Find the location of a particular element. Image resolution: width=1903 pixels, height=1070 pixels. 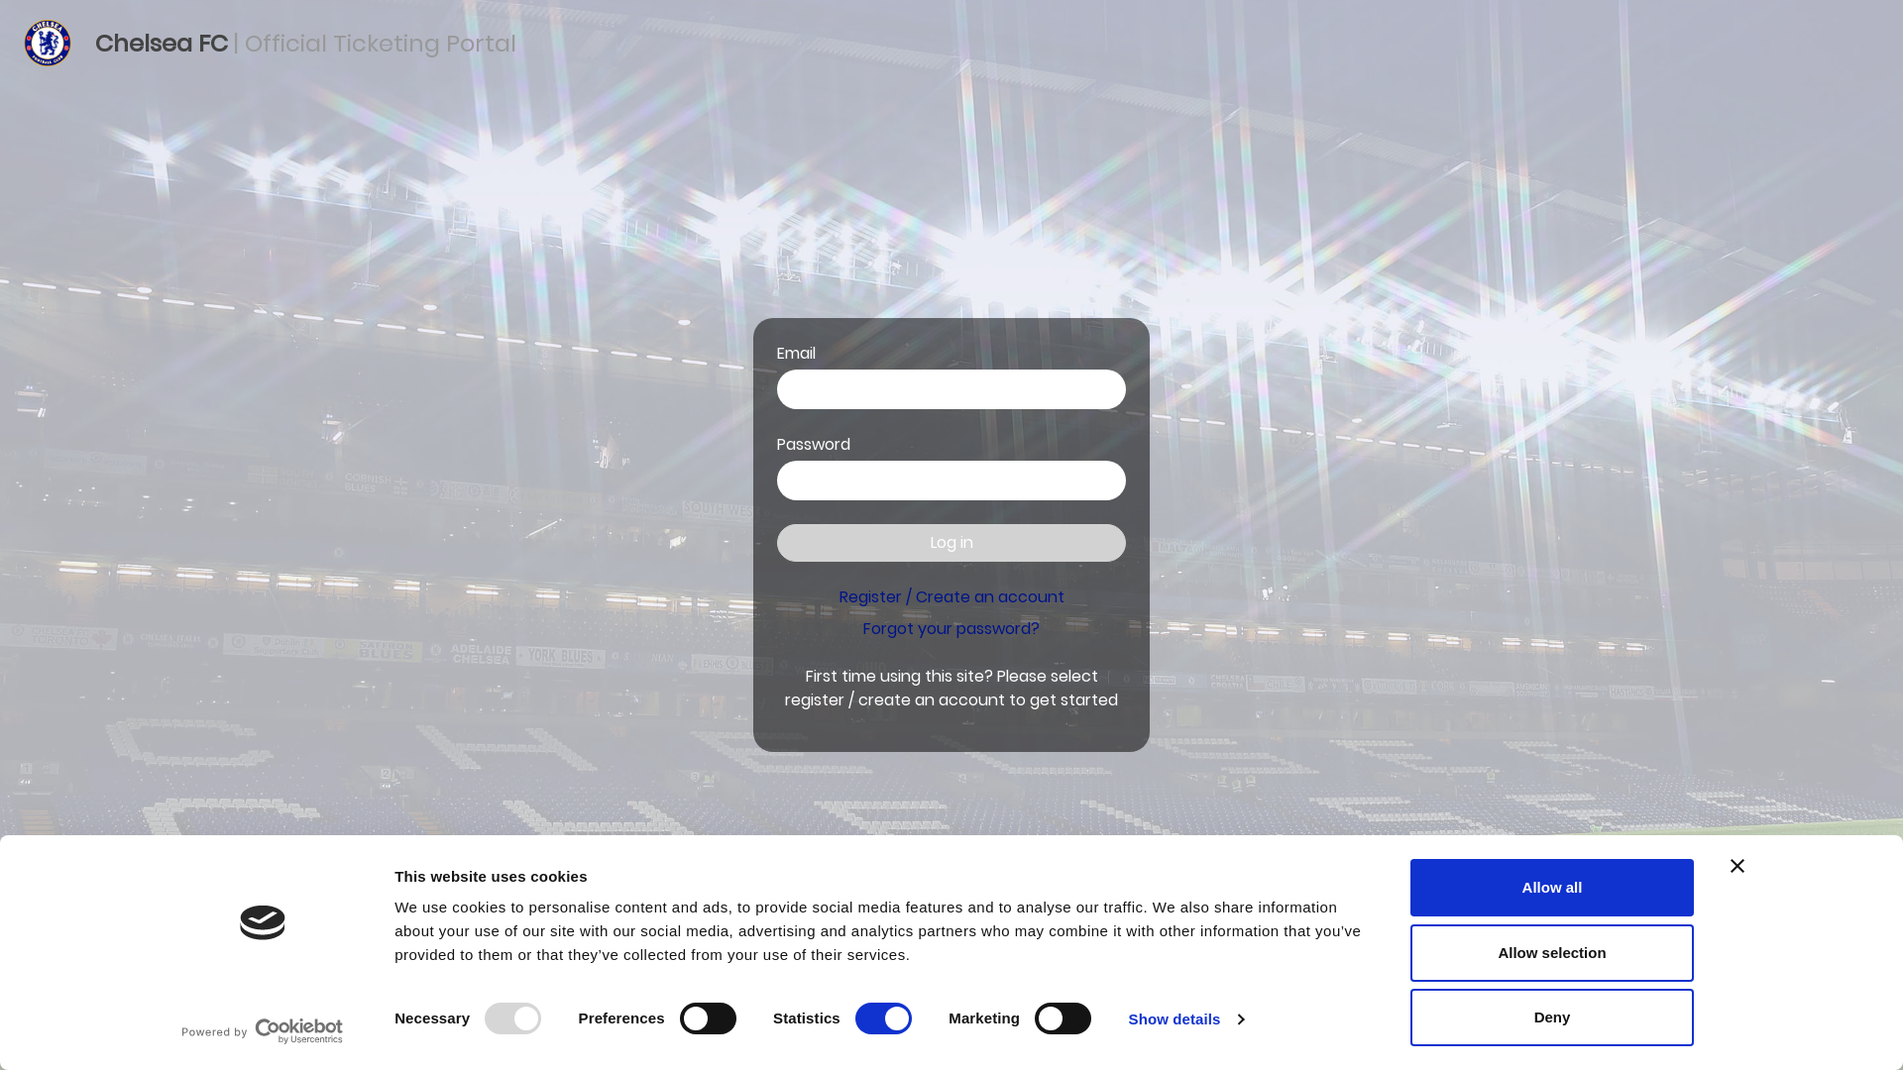

'Deny' is located at coordinates (1550, 1016).